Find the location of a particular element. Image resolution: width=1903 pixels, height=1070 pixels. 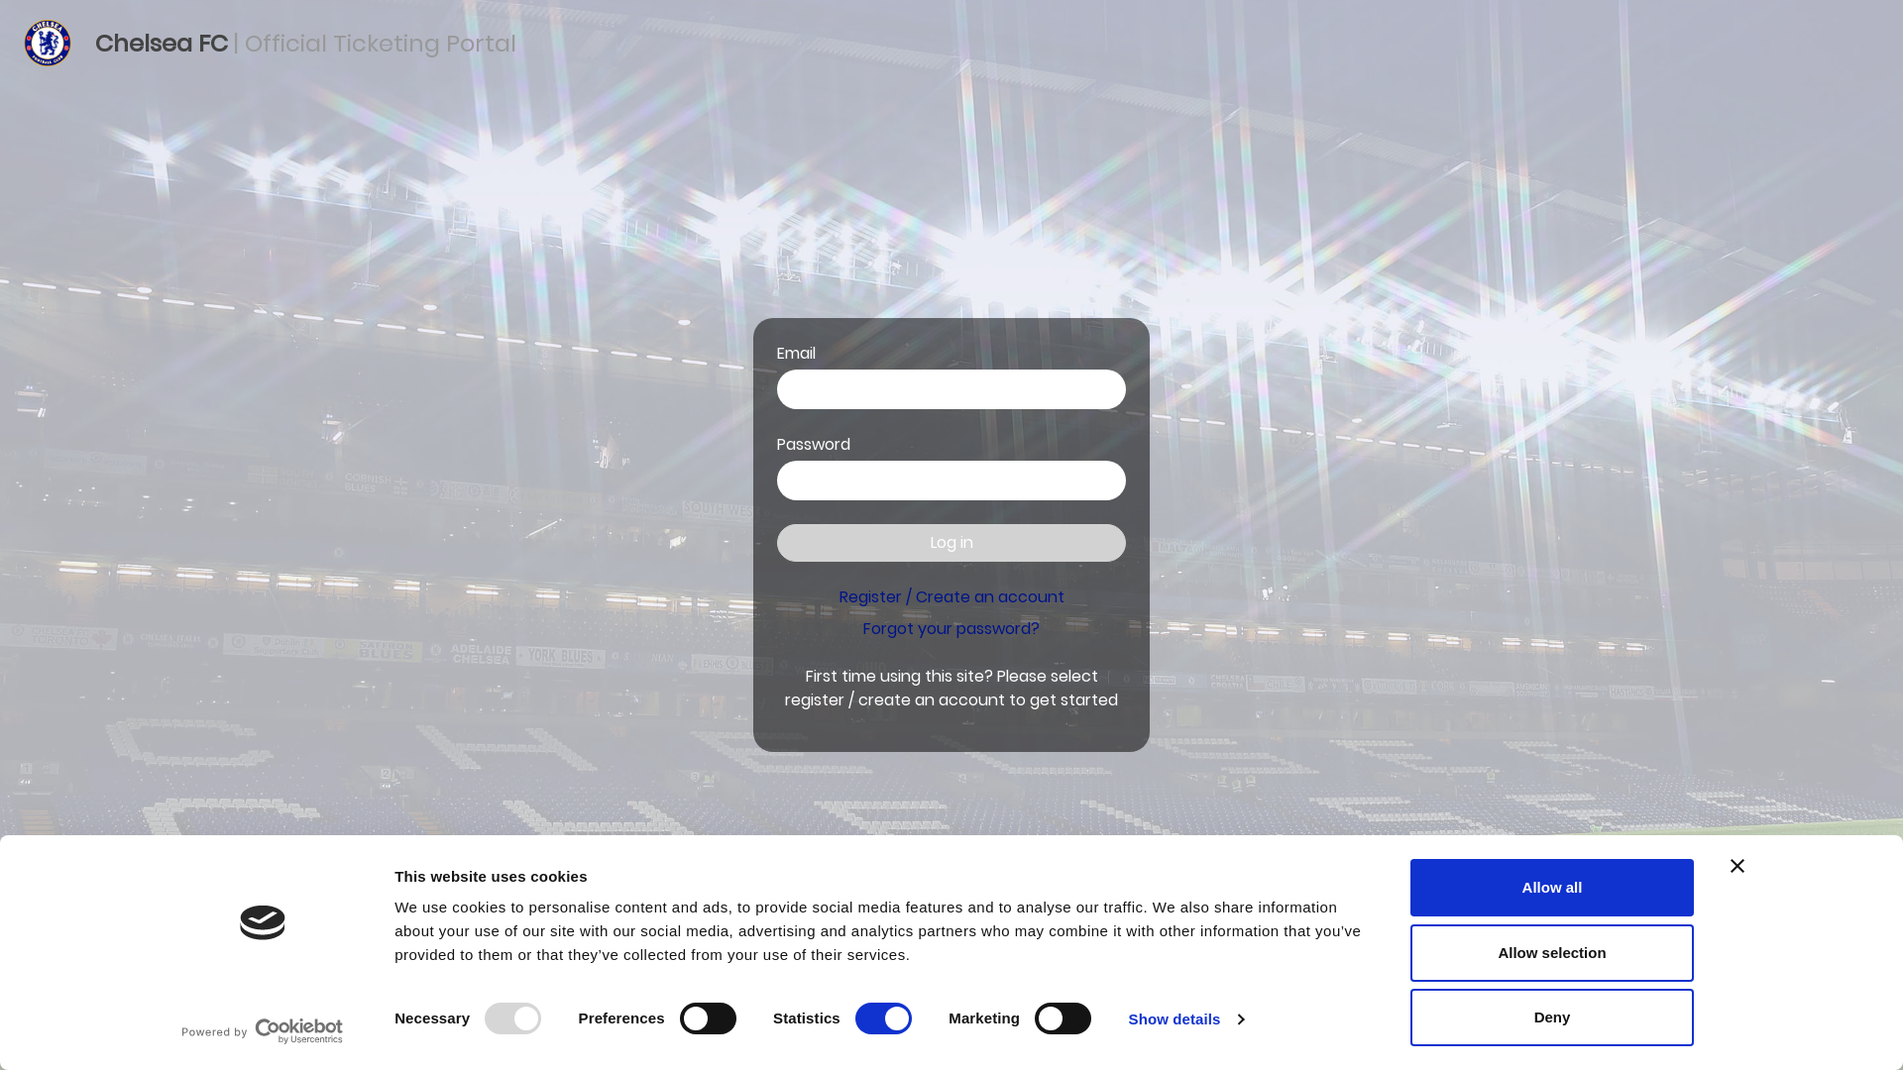

'Deny' is located at coordinates (1550, 1016).